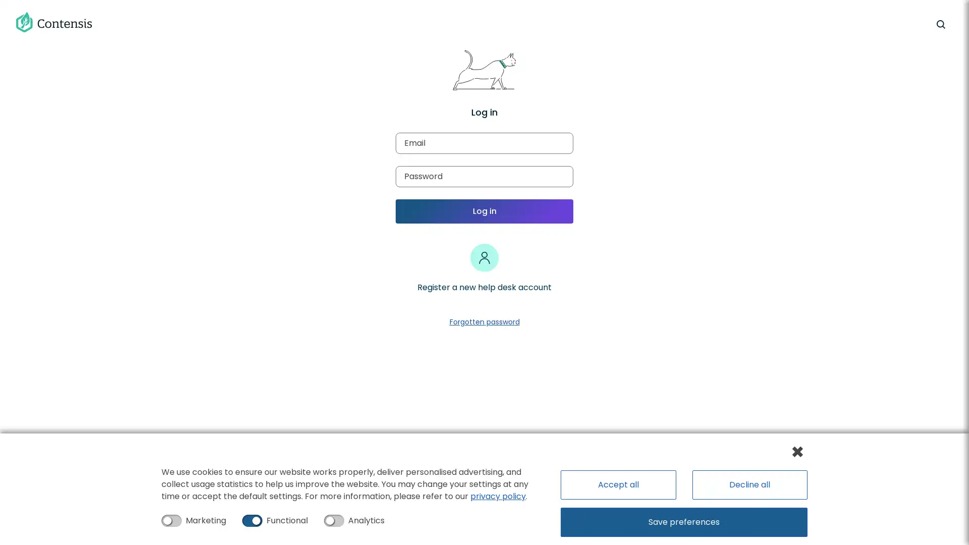 This screenshot has height=545, width=969. Describe the element at coordinates (617, 484) in the screenshot. I see `Accept all` at that location.